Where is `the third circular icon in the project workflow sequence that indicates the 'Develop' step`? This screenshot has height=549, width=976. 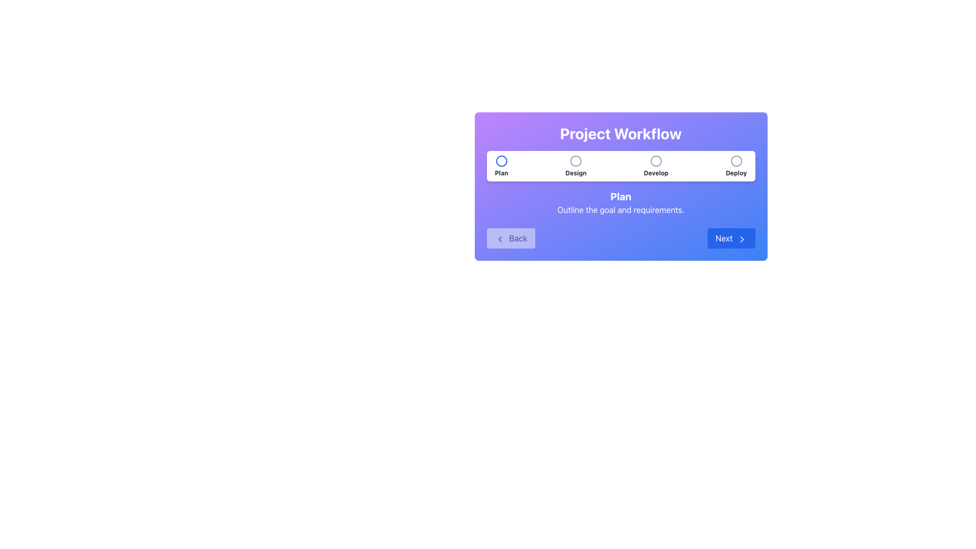
the third circular icon in the project workflow sequence that indicates the 'Develop' step is located at coordinates (656, 160).